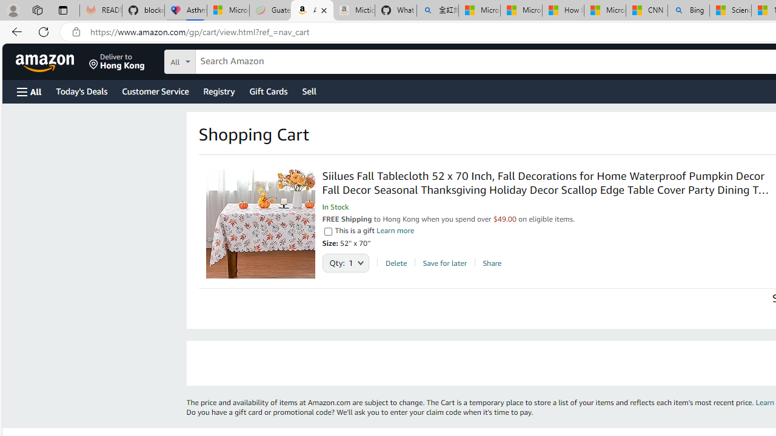 The width and height of the screenshot is (776, 436). What do you see at coordinates (312, 10) in the screenshot?
I see `'Amazon.com Shopping Cart'` at bounding box center [312, 10].